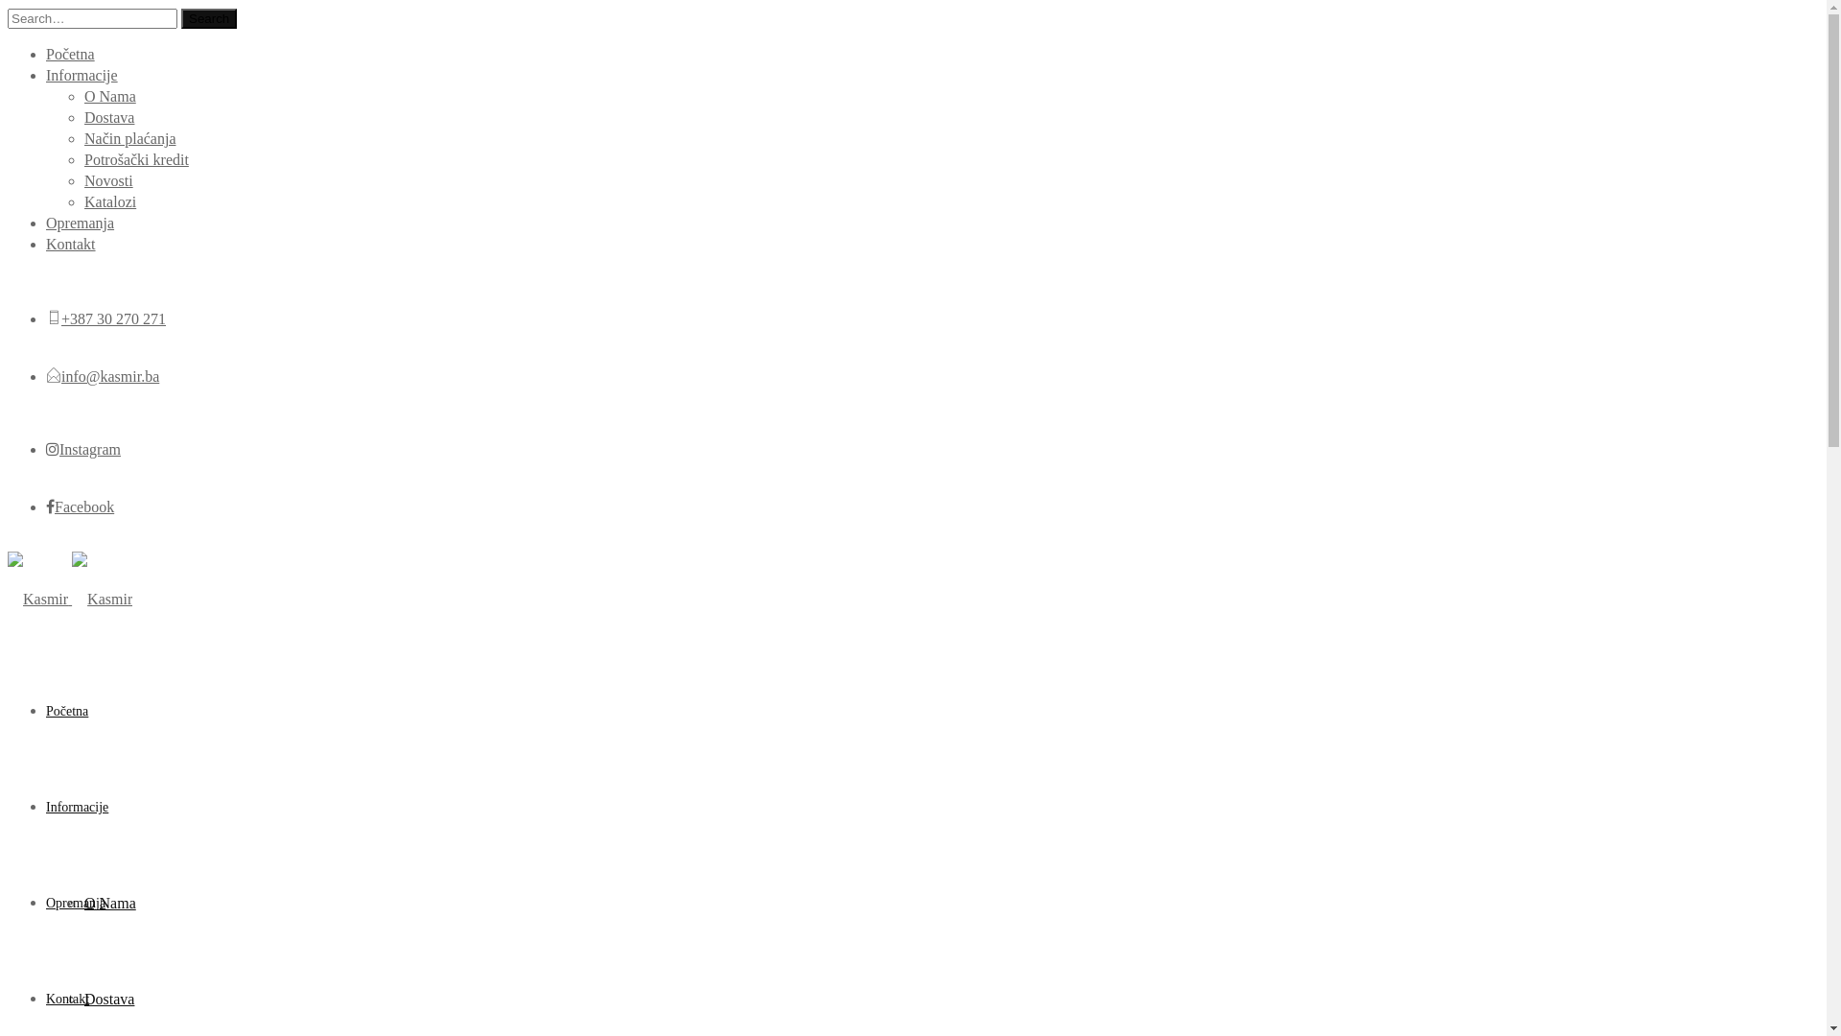  Describe the element at coordinates (208, 18) in the screenshot. I see `'Search'` at that location.